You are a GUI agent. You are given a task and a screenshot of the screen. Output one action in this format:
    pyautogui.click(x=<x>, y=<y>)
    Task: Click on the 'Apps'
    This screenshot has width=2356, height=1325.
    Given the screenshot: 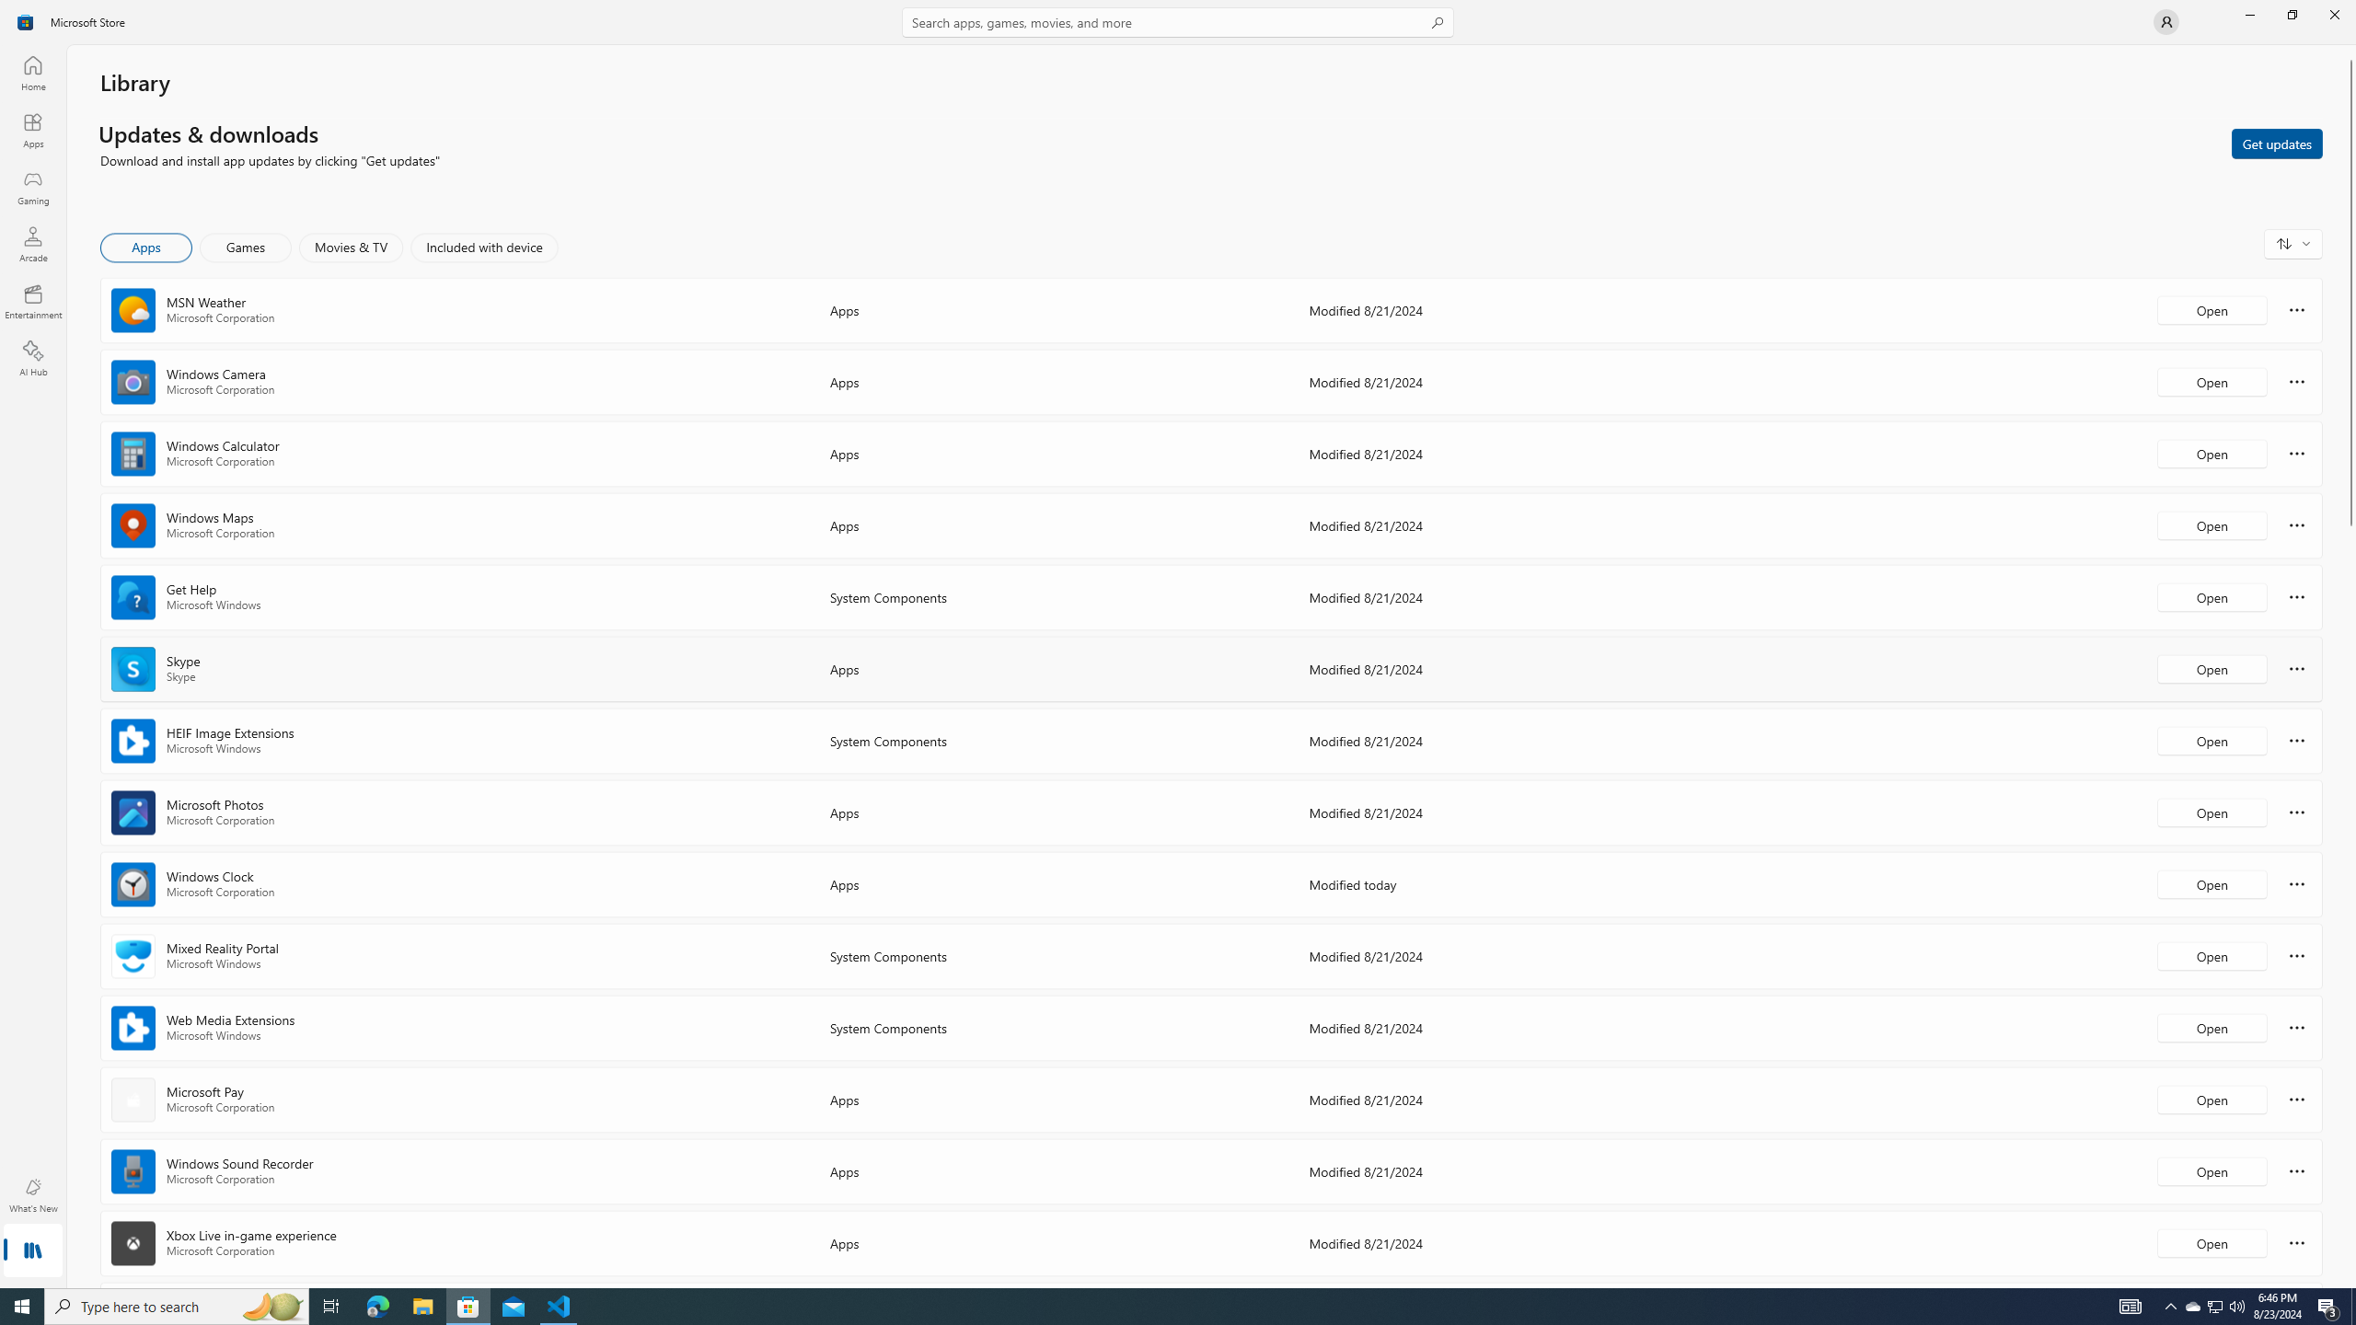 What is the action you would take?
    pyautogui.click(x=31, y=130)
    